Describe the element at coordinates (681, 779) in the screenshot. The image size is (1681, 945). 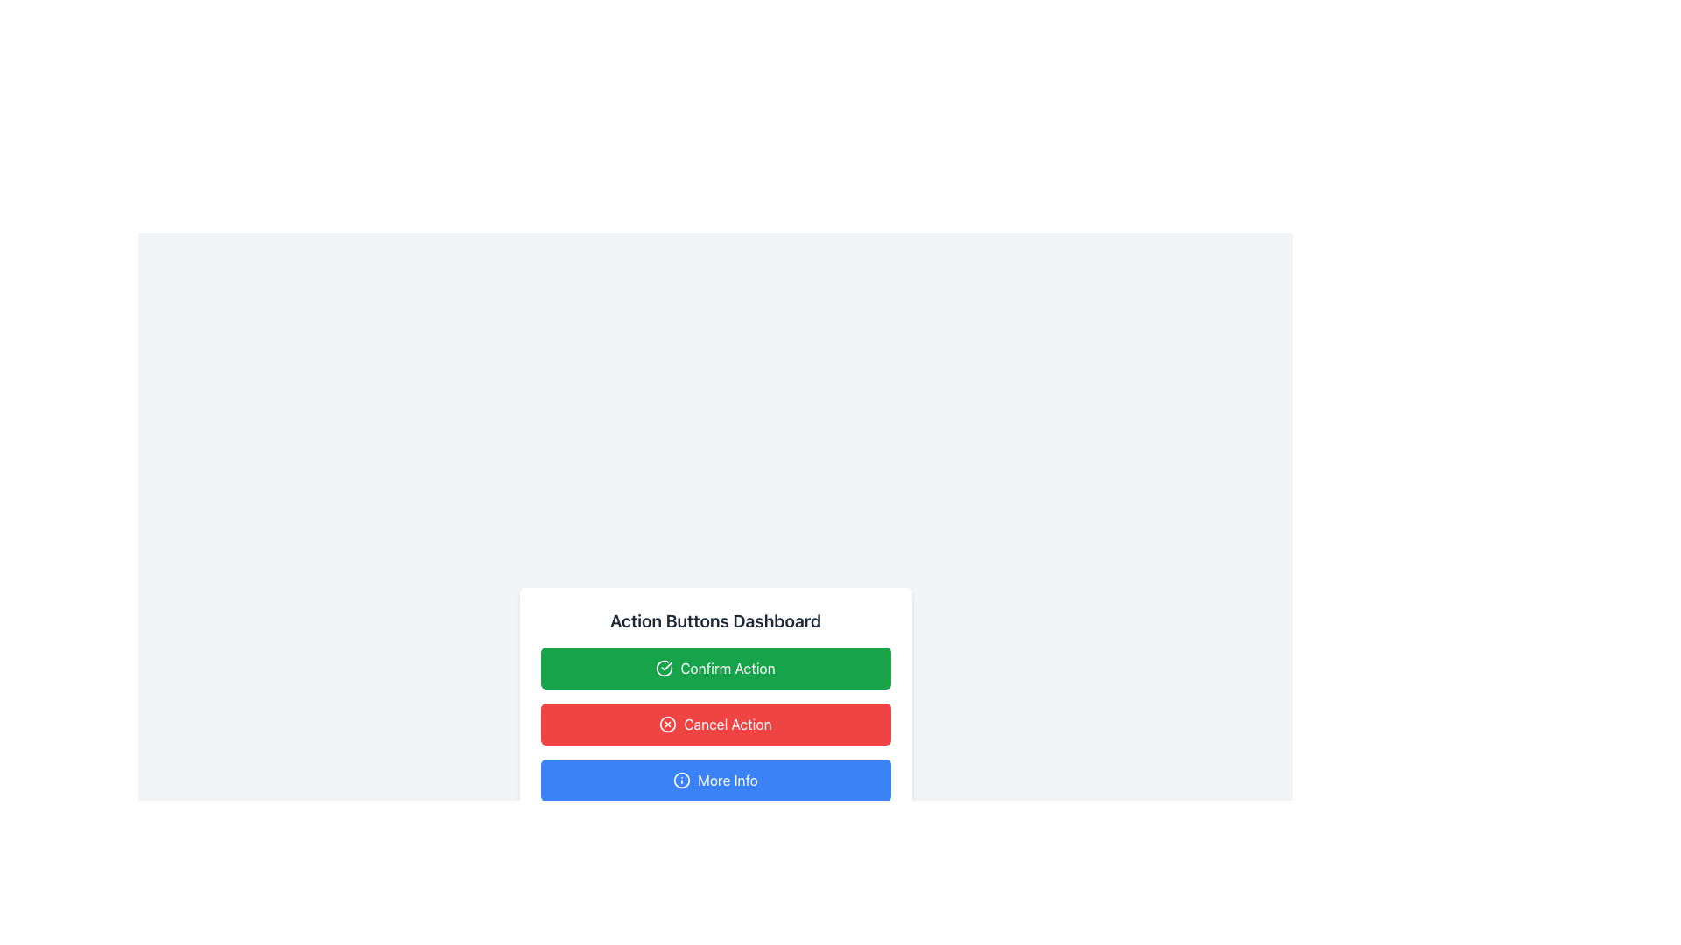
I see `the 'More Info' icon, which is a subcomponent of the third button in the 'Action Buttons Dashboard' interface` at that location.